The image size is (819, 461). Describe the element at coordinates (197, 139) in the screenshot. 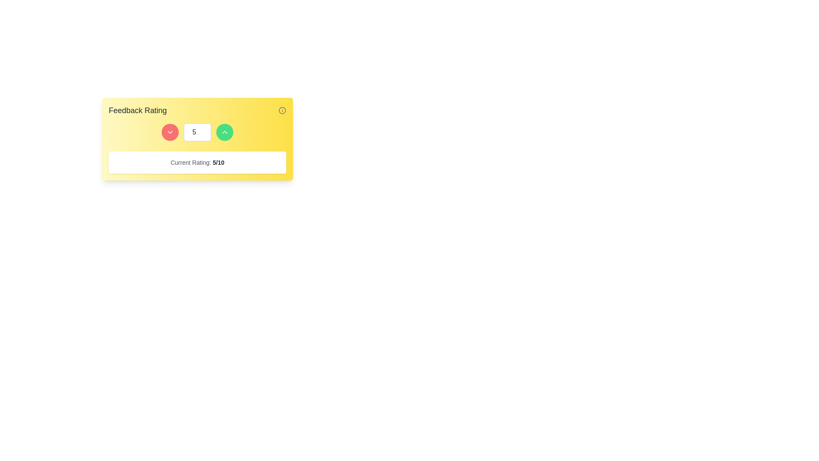

I see `the increment button of the Interactive rating component to raise the rating value` at that location.